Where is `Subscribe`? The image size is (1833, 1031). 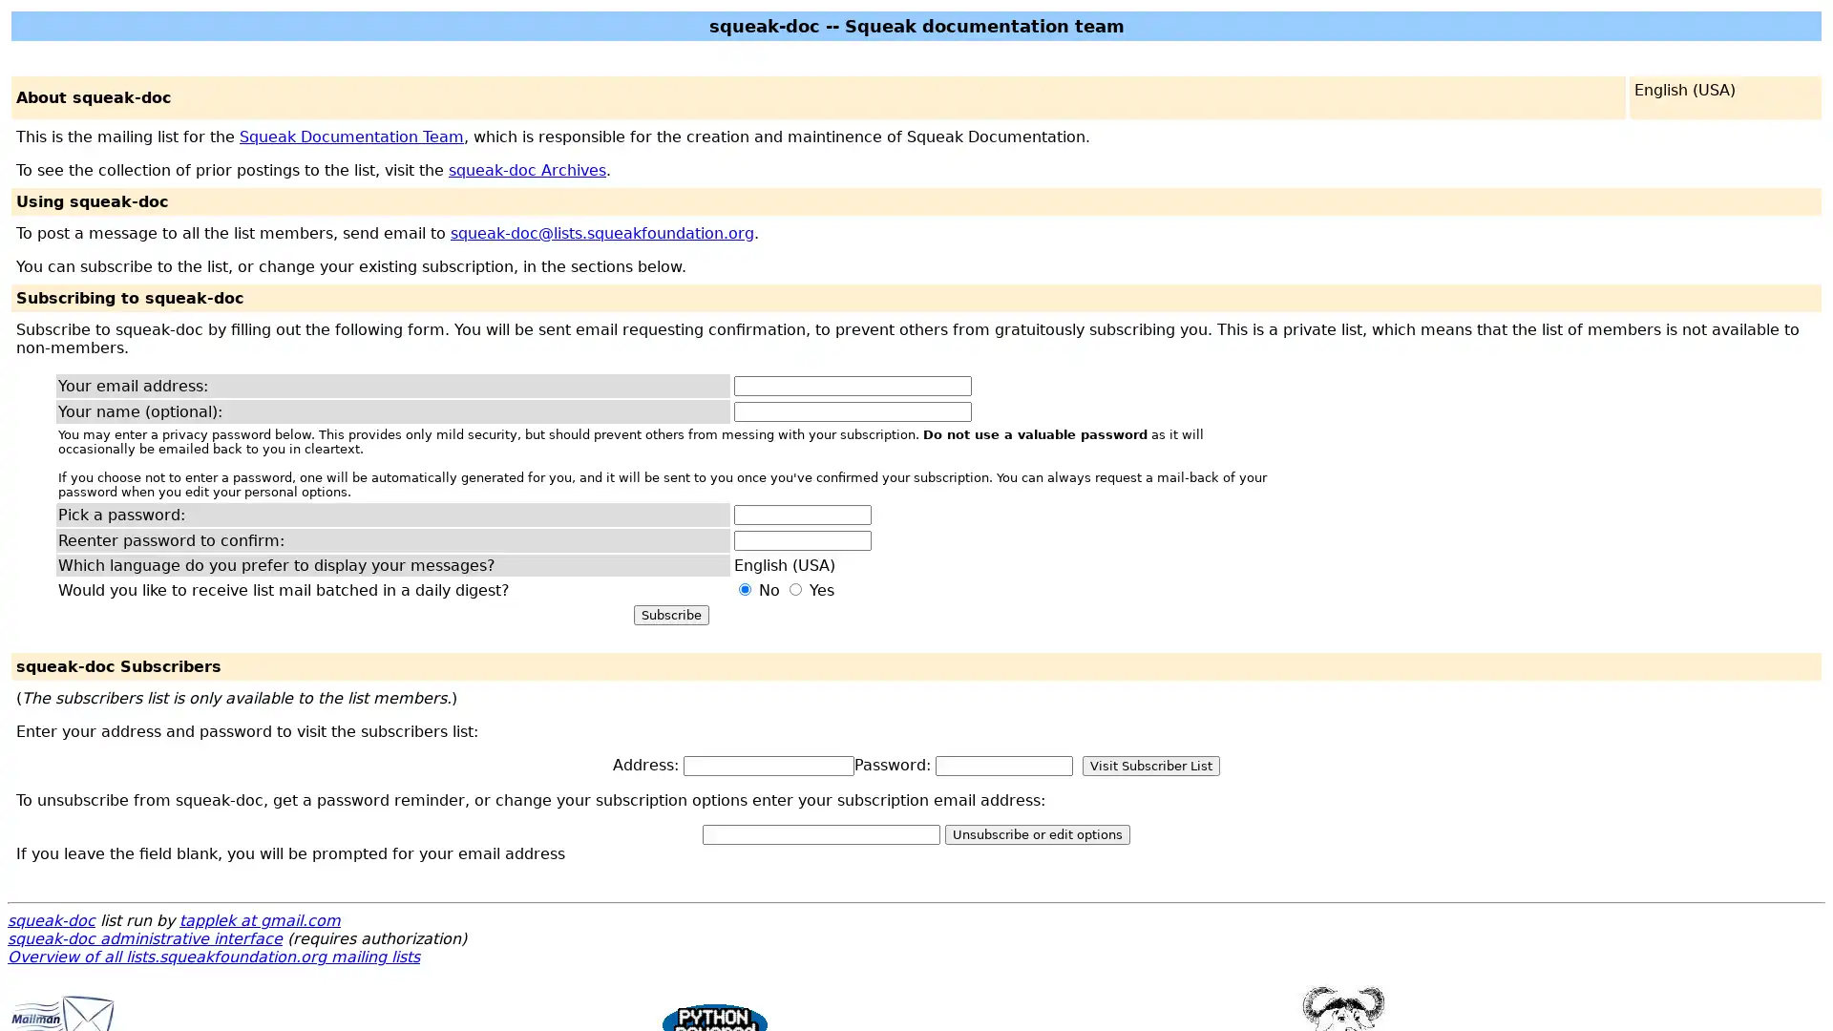
Subscribe is located at coordinates (670, 615).